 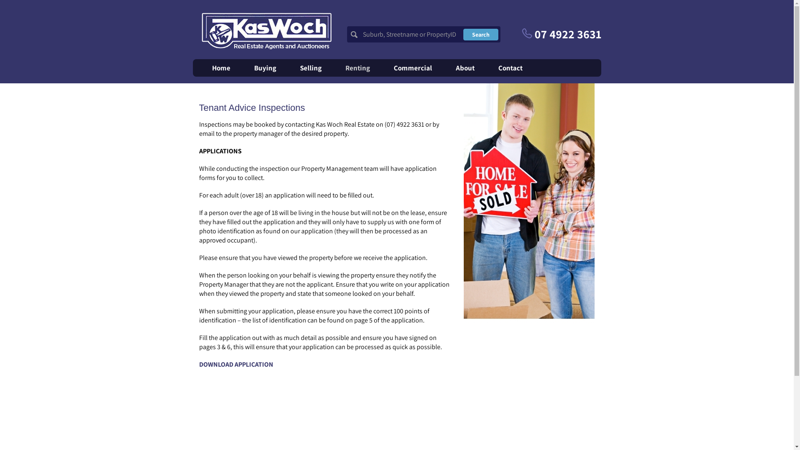 What do you see at coordinates (465, 67) in the screenshot?
I see `'About'` at bounding box center [465, 67].